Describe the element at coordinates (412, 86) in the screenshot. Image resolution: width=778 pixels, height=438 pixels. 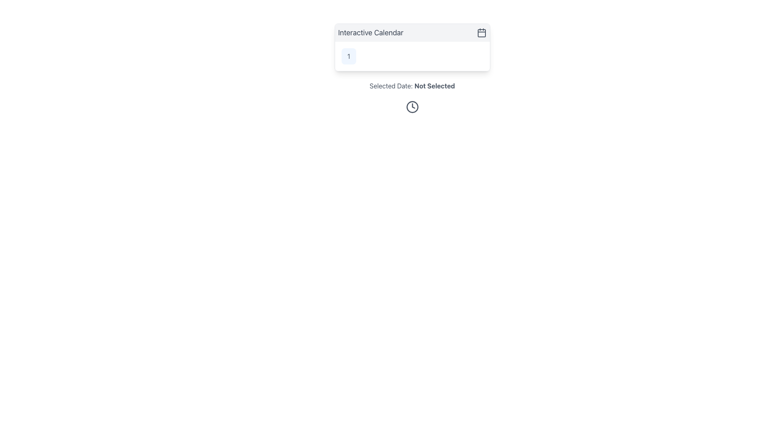
I see `the Text label that indicates no date has been chosen, located centrally in the horizontal axis at the bottom of the interactive calendar component` at that location.